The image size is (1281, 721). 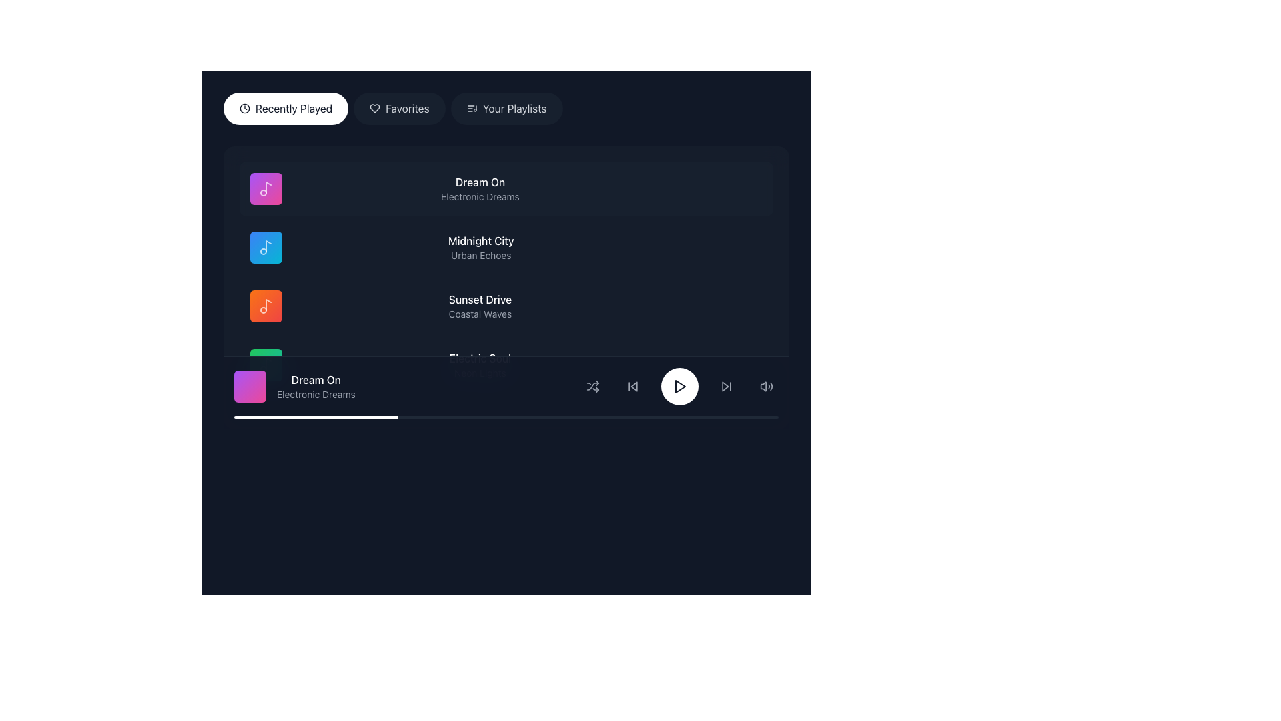 I want to click on the forward skip button icon located in the bottom control bar, so click(x=725, y=386).